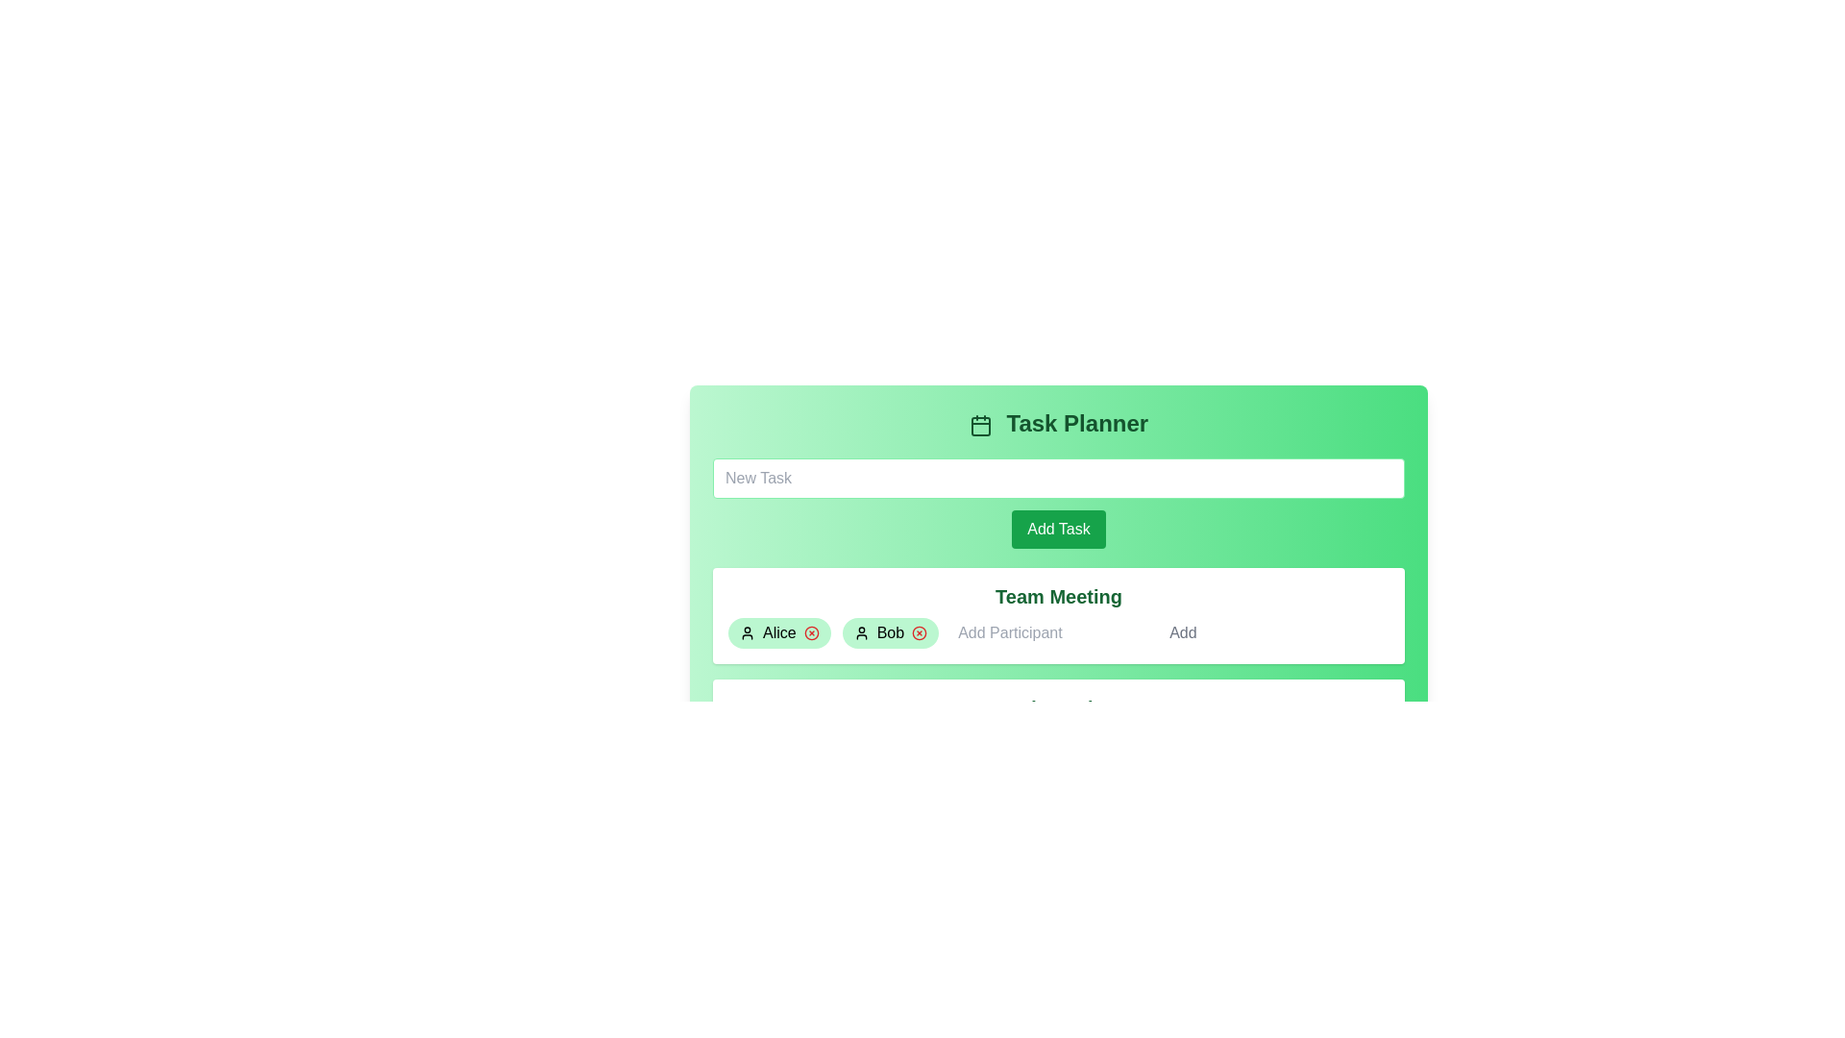 The width and height of the screenshot is (1845, 1038). What do you see at coordinates (889, 633) in the screenshot?
I see `the pill-shaped participant badge representing 'Bob' in the 'Team Meeting' section` at bounding box center [889, 633].